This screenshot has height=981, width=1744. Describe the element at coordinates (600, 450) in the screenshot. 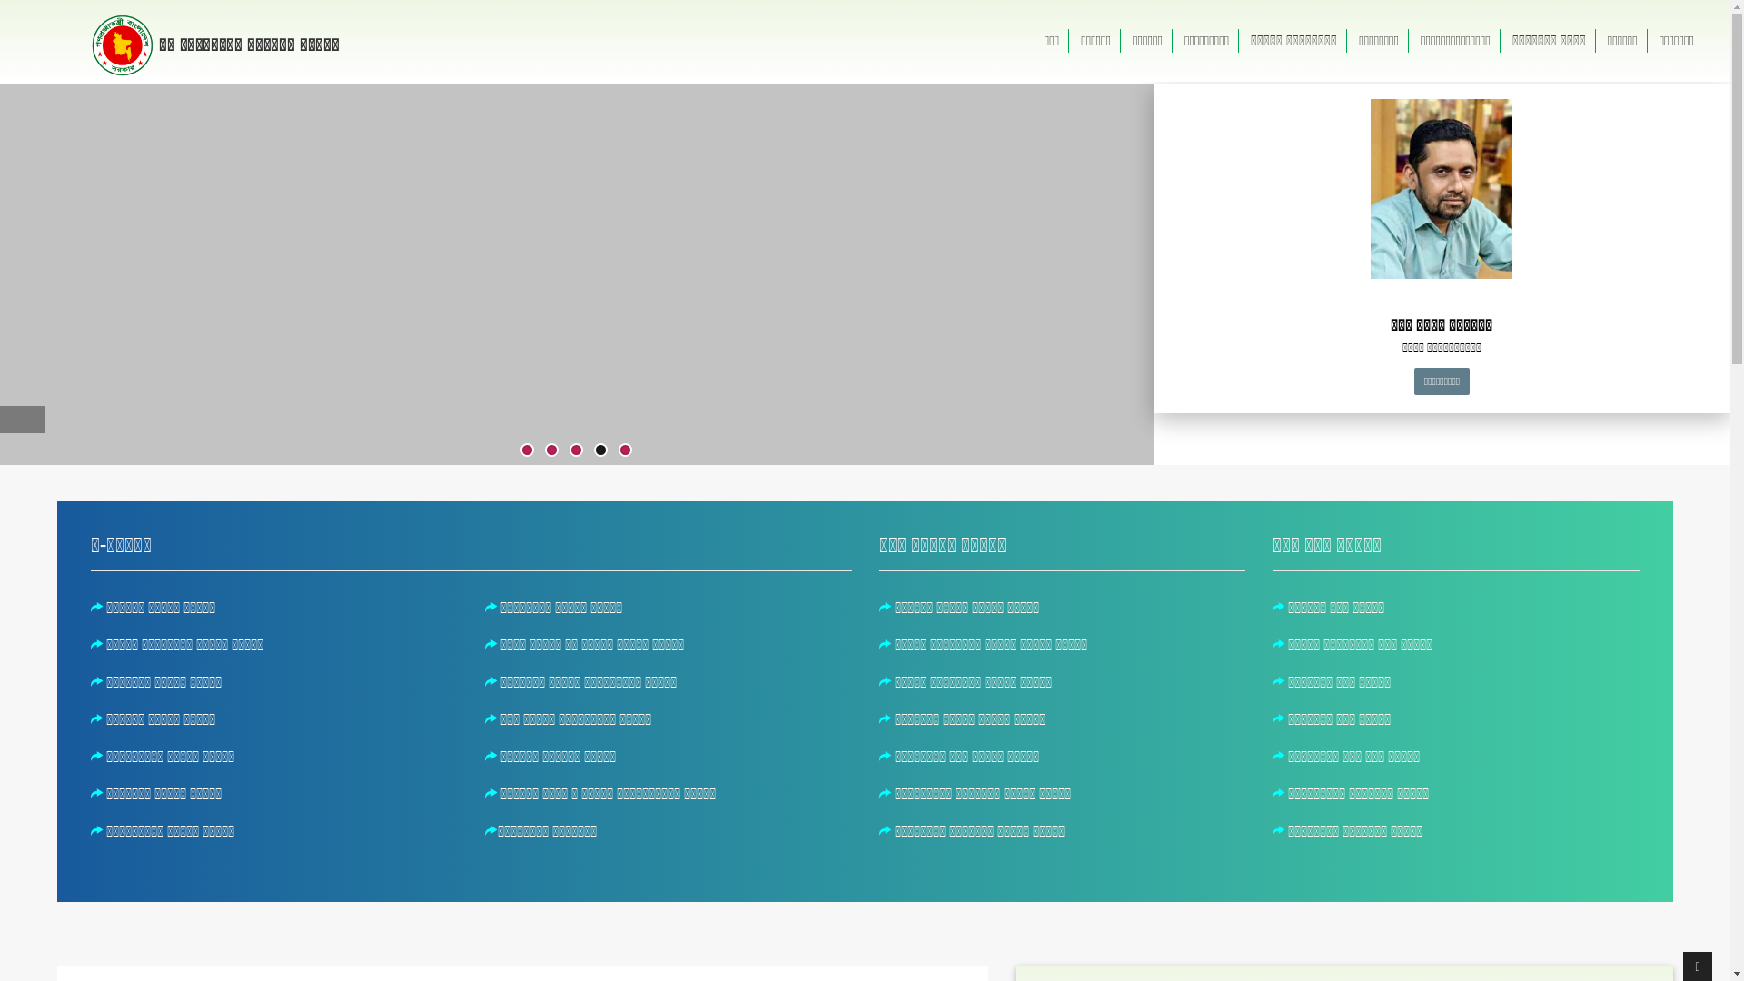

I see `'4'` at that location.